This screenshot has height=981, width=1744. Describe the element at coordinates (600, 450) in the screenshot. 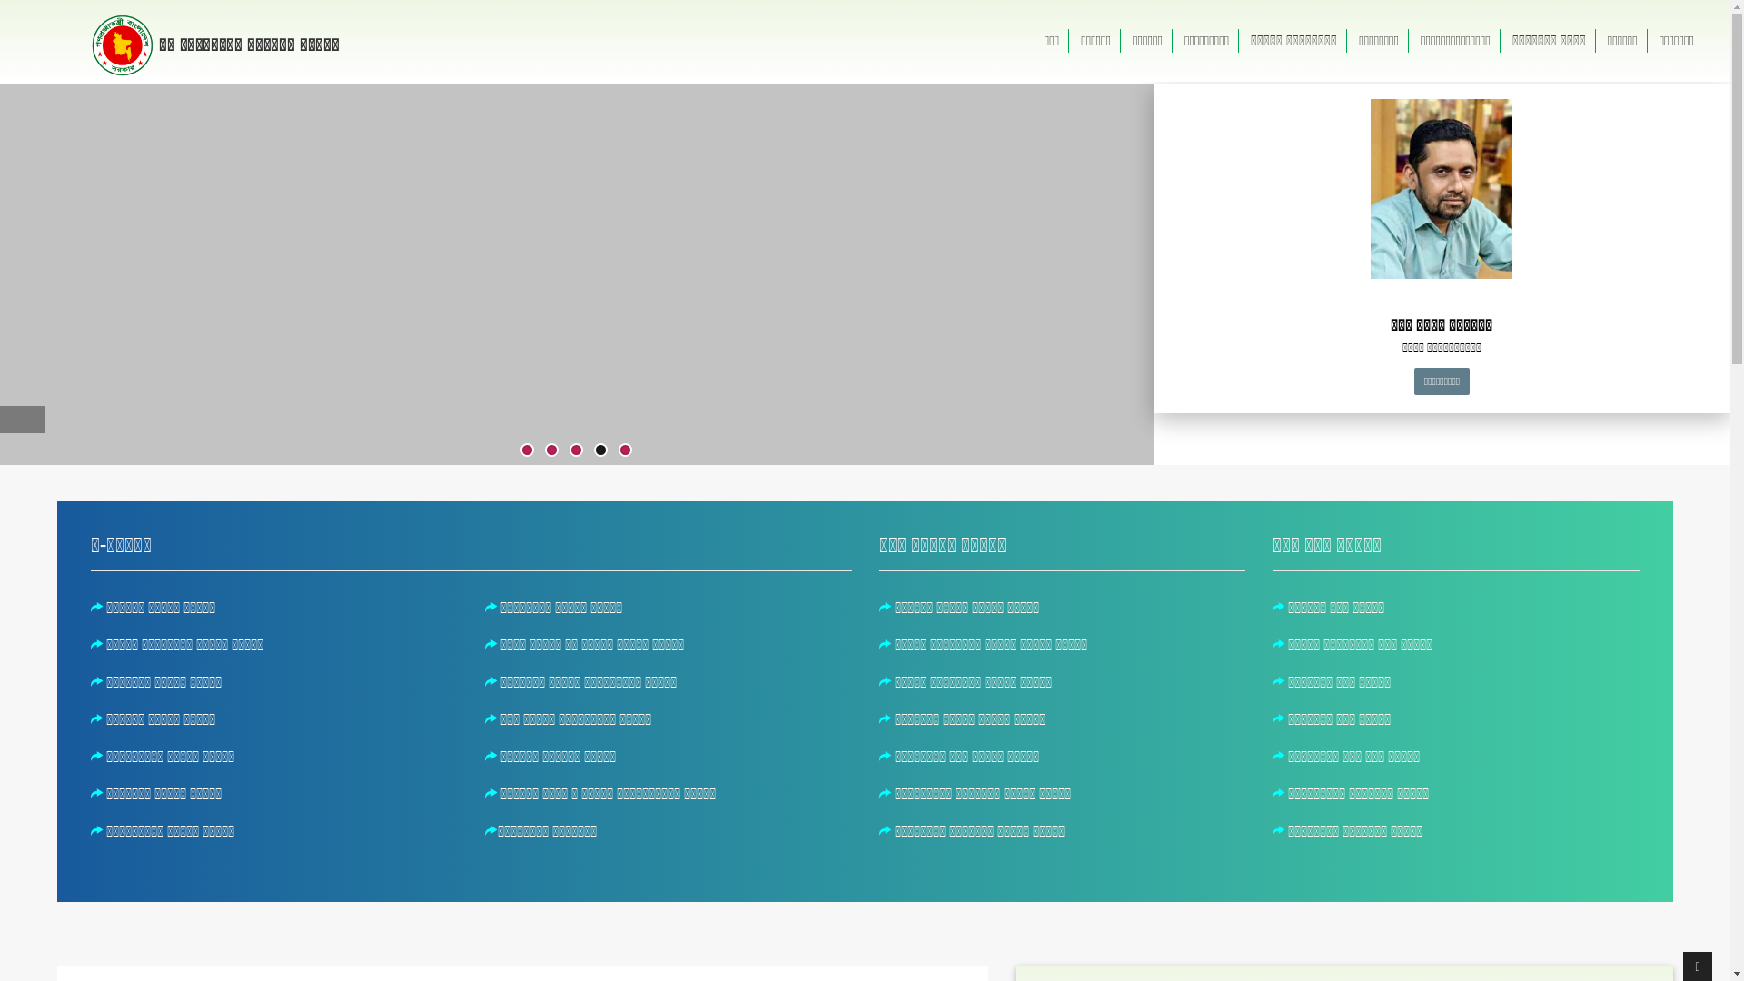

I see `'4'` at that location.